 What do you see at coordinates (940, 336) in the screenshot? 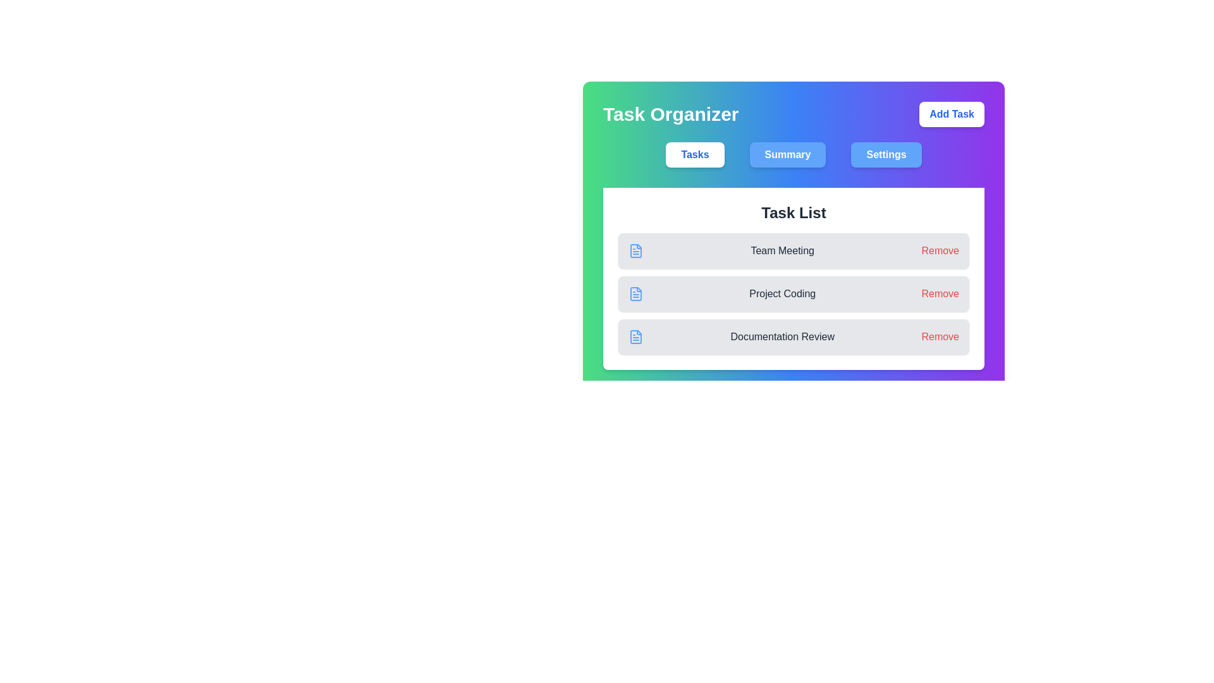
I see `the red 'Remove' button` at bounding box center [940, 336].